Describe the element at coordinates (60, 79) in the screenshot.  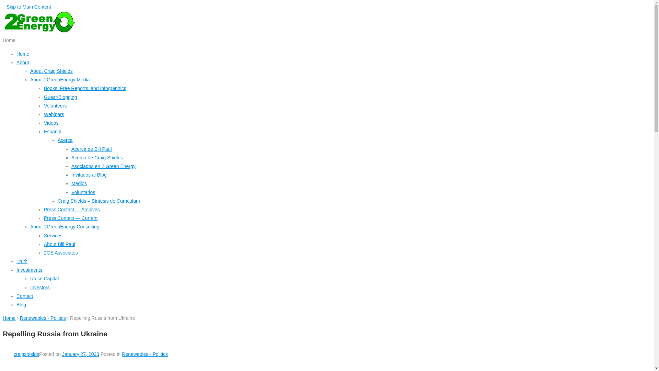
I see `'About 2GreenEnergy Media'` at that location.